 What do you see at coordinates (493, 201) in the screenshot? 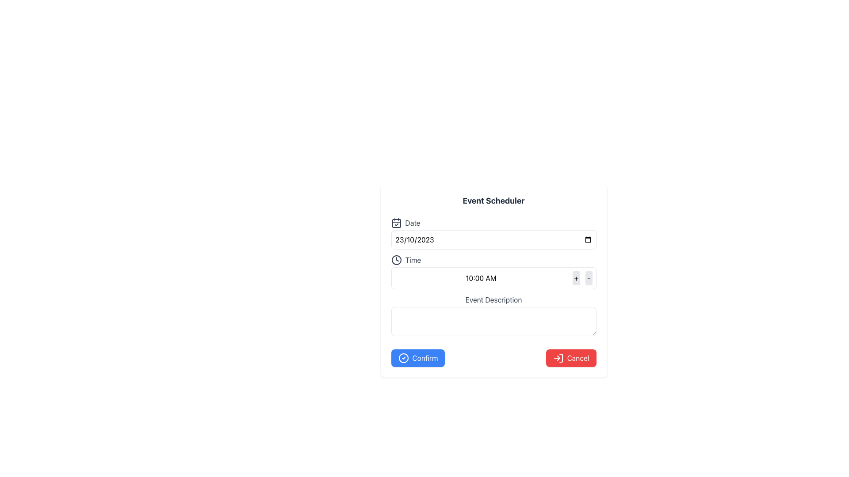
I see `the bold title text 'Event Scheduler' at the top of the card interface` at bounding box center [493, 201].